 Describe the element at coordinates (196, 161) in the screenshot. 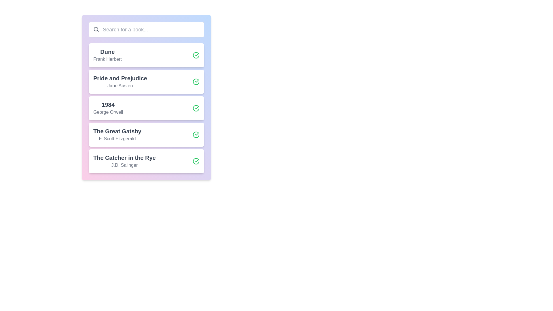

I see `the status indicator for 'The Catcher in the Rye', which indicates its selected or completed status, located to the right of the fifth list item` at that location.